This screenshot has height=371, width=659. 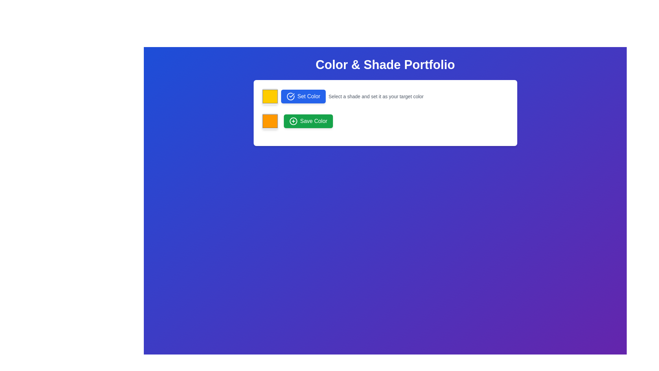 What do you see at coordinates (308, 121) in the screenshot?
I see `the green 'Save Color' button` at bounding box center [308, 121].